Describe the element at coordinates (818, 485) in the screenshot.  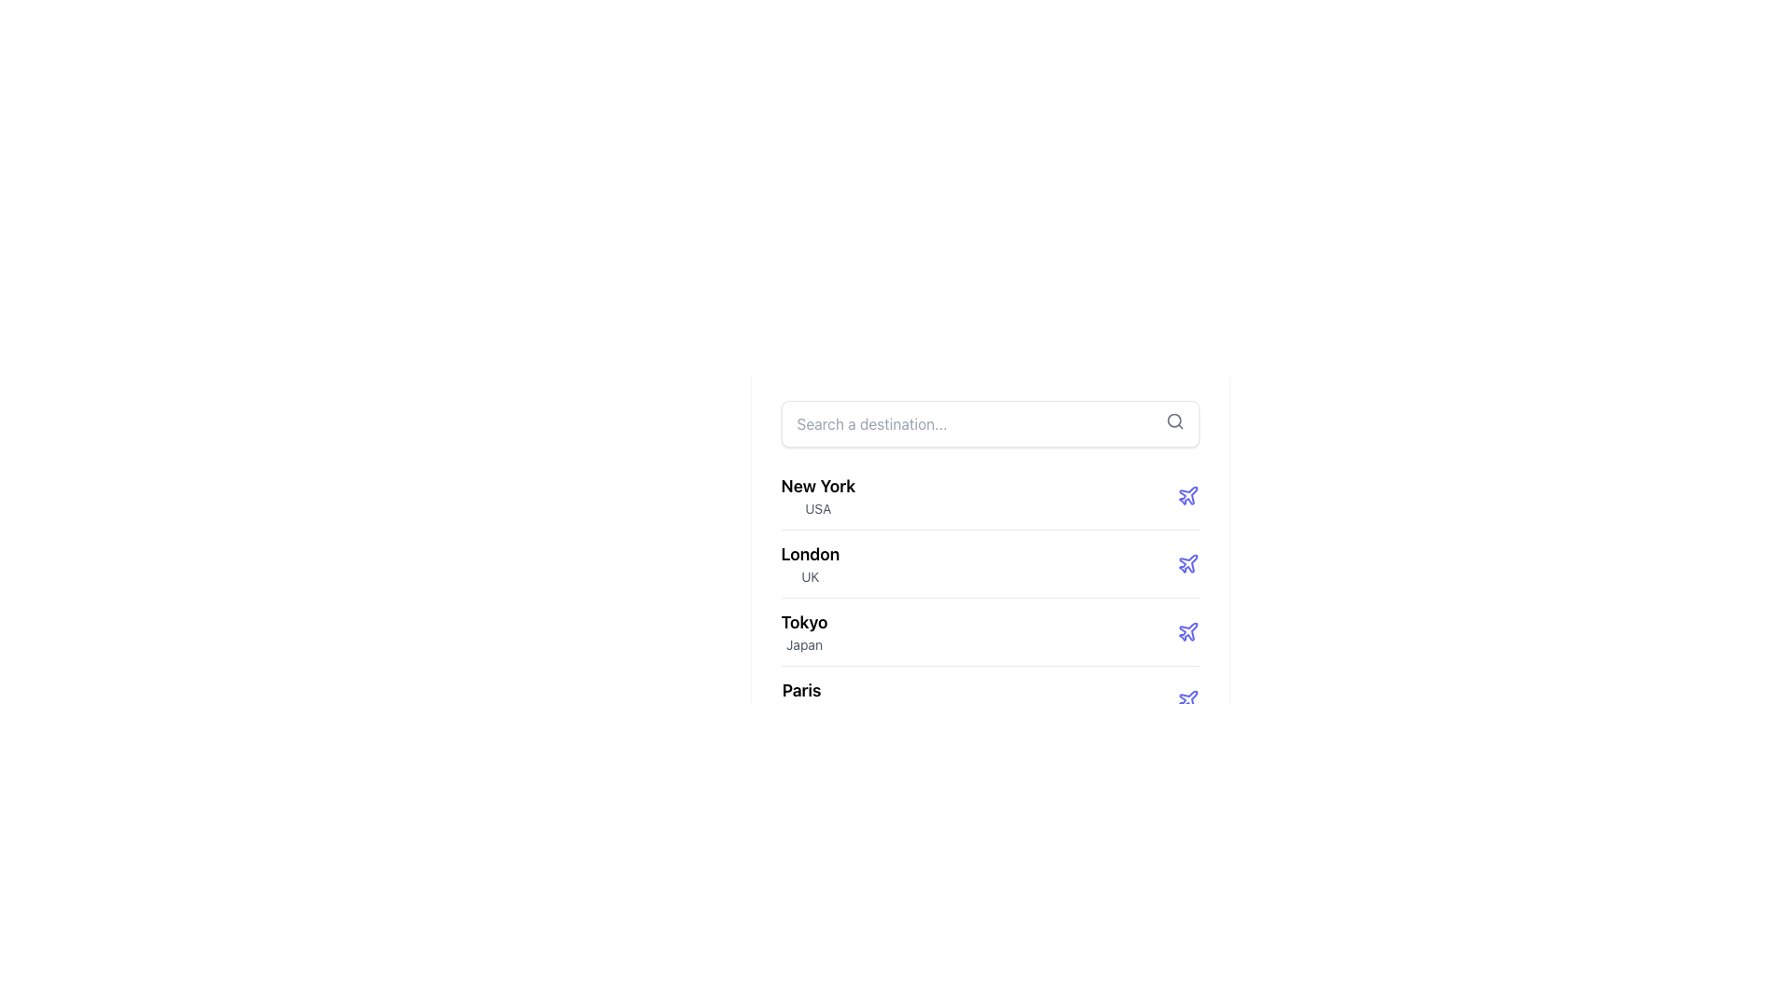
I see `the text label for the city 'New York', which is the first entry in the list of destinations, positioned near the top and aligned with the label 'USA' below it` at that location.